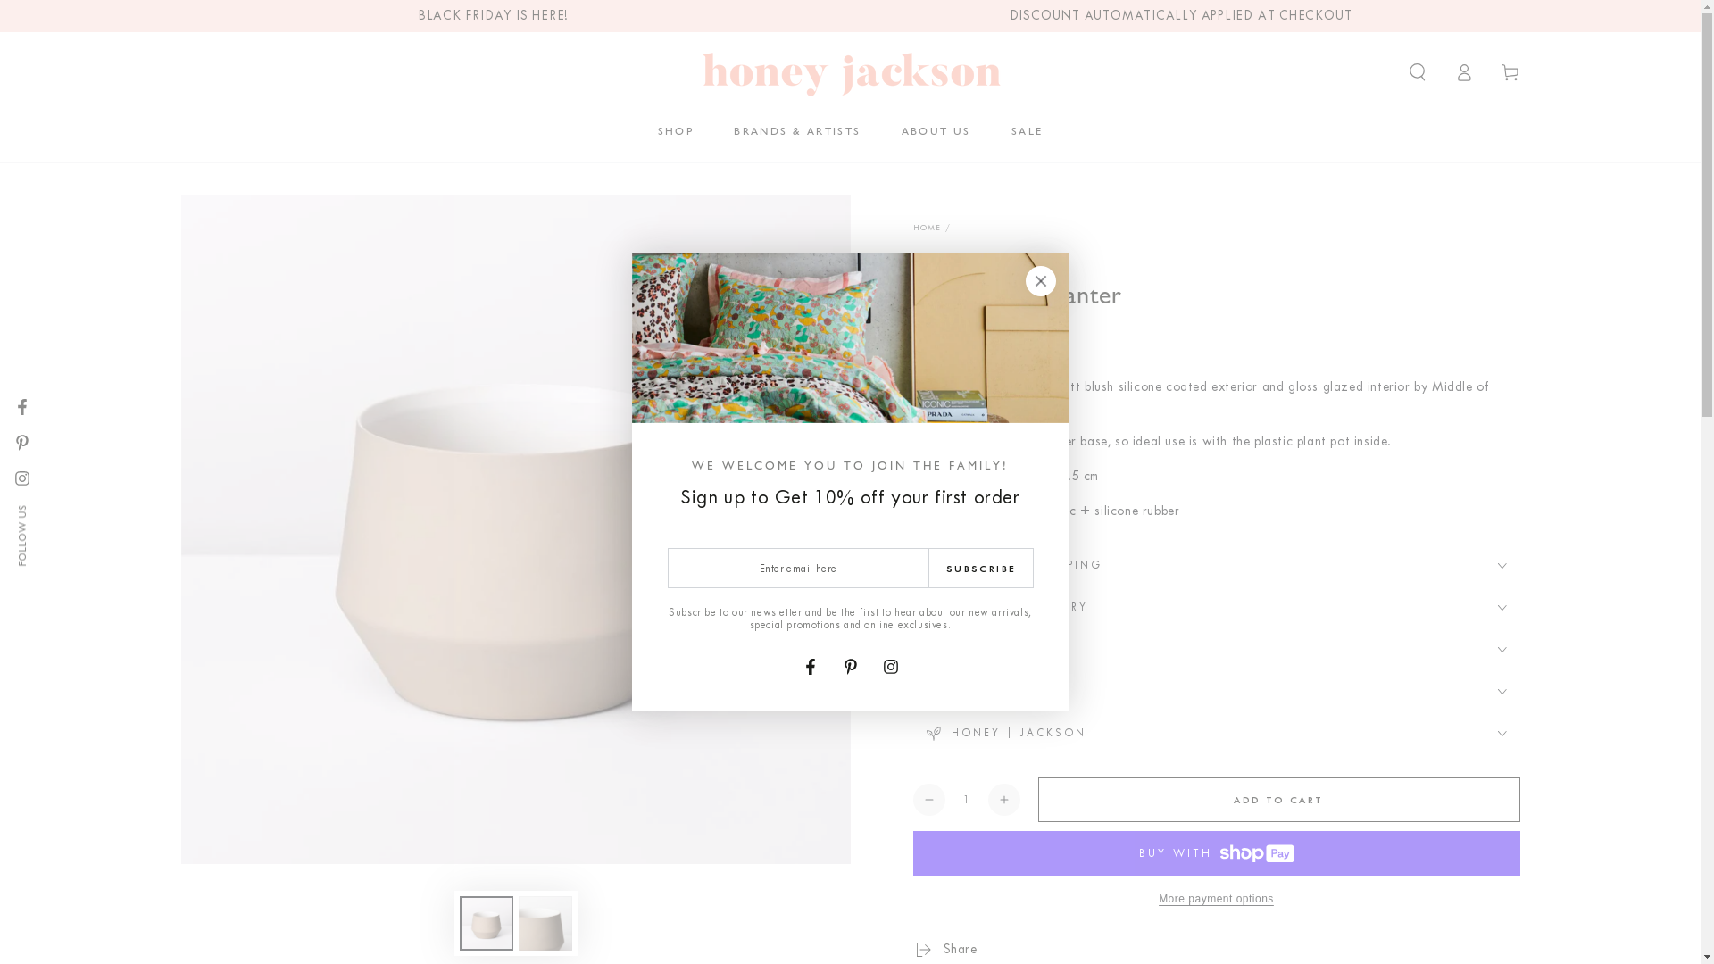 The width and height of the screenshot is (1714, 964). What do you see at coordinates (936, 129) in the screenshot?
I see `'ABOUT US'` at bounding box center [936, 129].